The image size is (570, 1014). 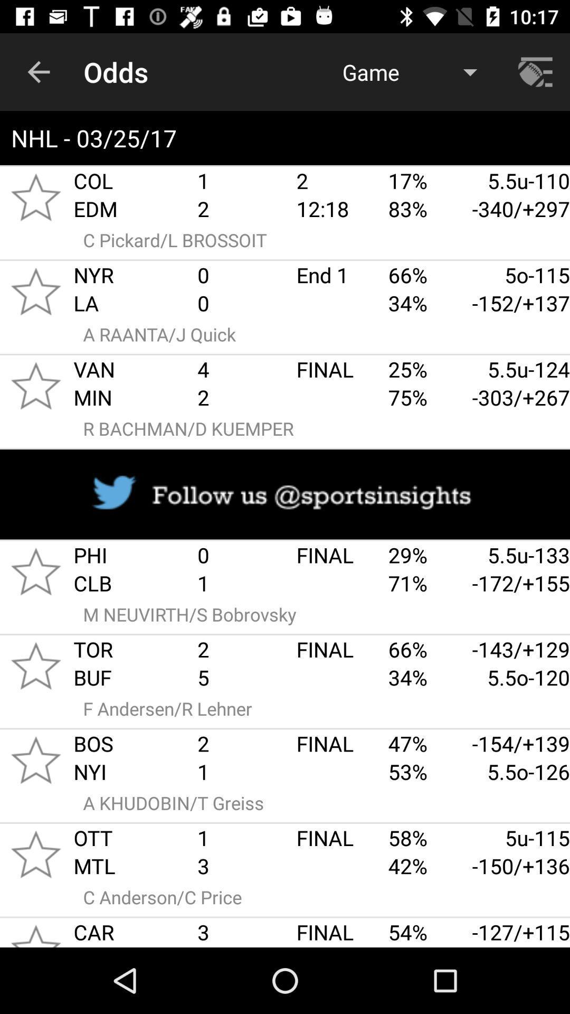 I want to click on favread, so click(x=35, y=933).